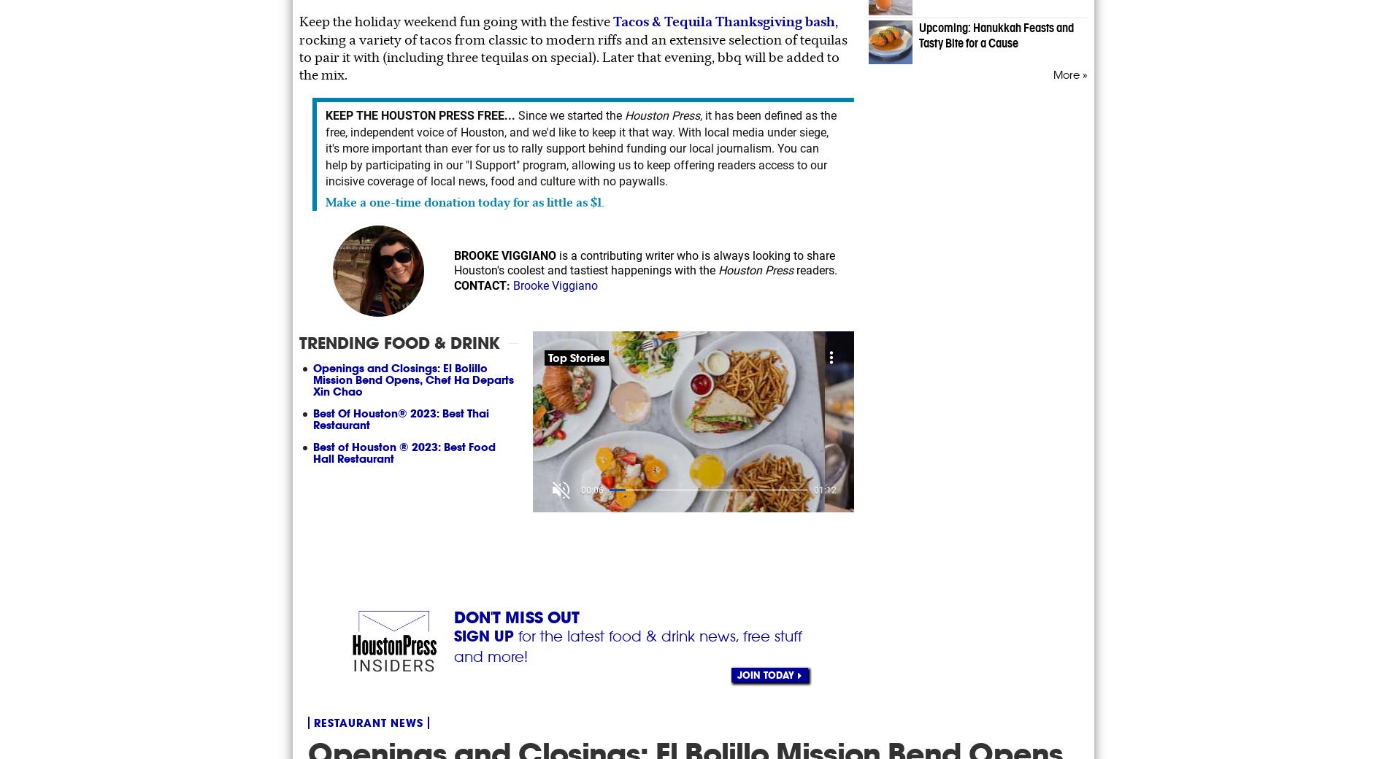  What do you see at coordinates (591, 490) in the screenshot?
I see `'00:11'` at bounding box center [591, 490].